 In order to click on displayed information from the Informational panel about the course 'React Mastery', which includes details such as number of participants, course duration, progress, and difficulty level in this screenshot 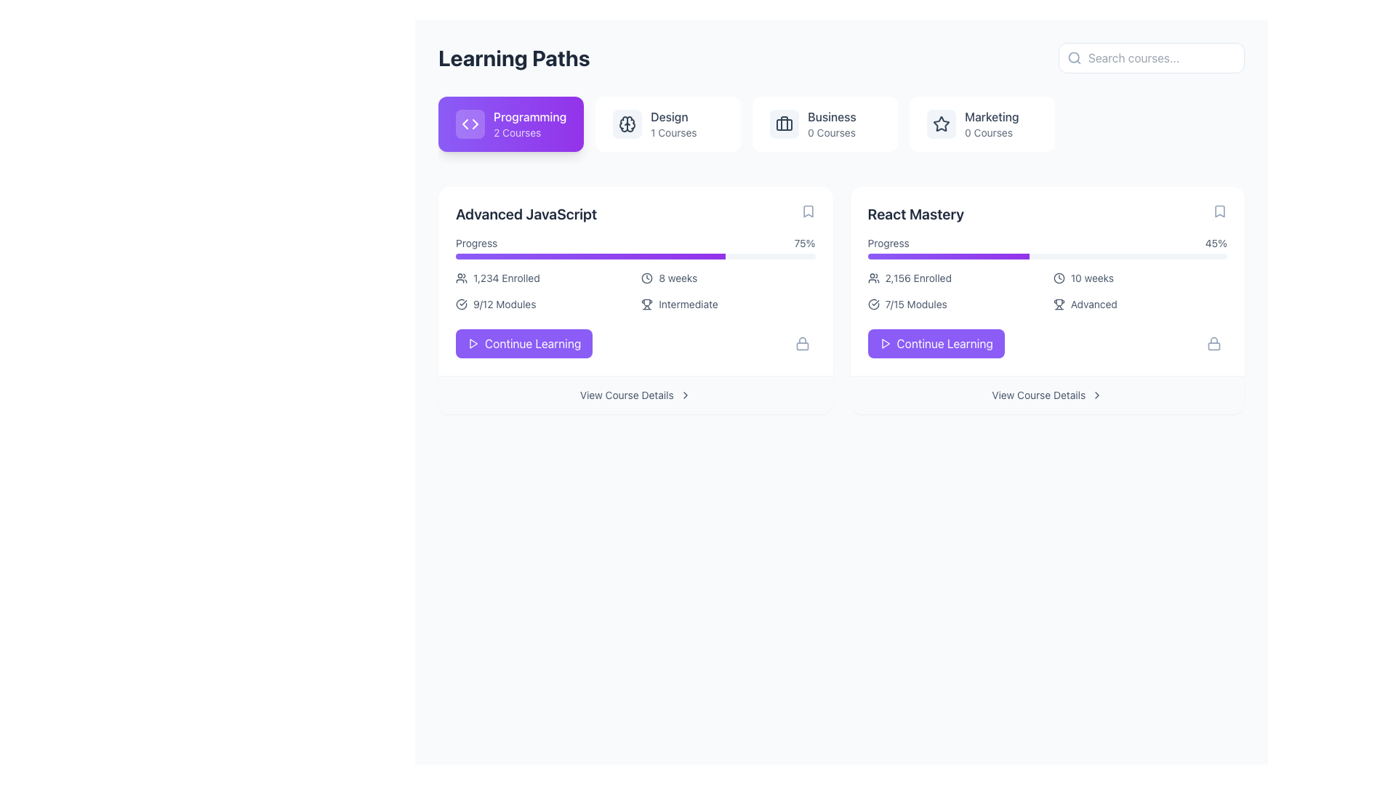, I will do `click(1047, 291)`.